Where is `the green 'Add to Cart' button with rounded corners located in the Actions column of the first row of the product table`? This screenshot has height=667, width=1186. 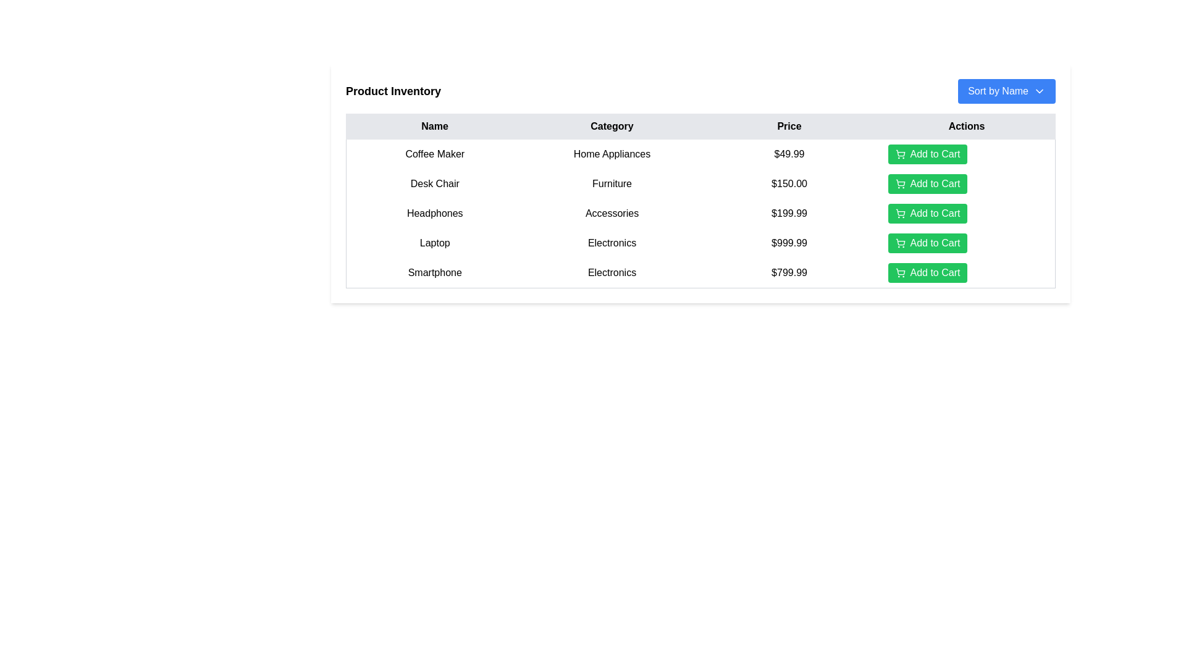
the green 'Add to Cart' button with rounded corners located in the Actions column of the first row of the product table is located at coordinates (928, 154).